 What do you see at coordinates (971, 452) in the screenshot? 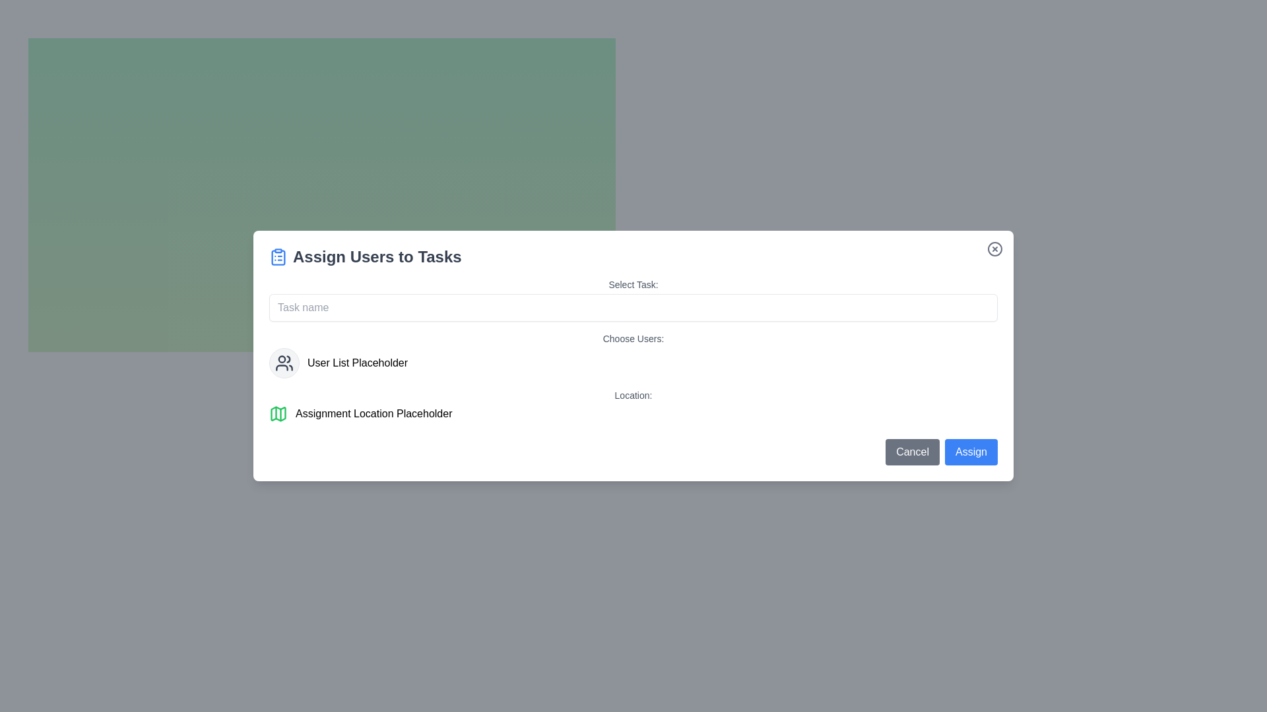
I see `the 'Assign' button, which is a rectangular button with rounded corners and a blue background, located` at bounding box center [971, 452].